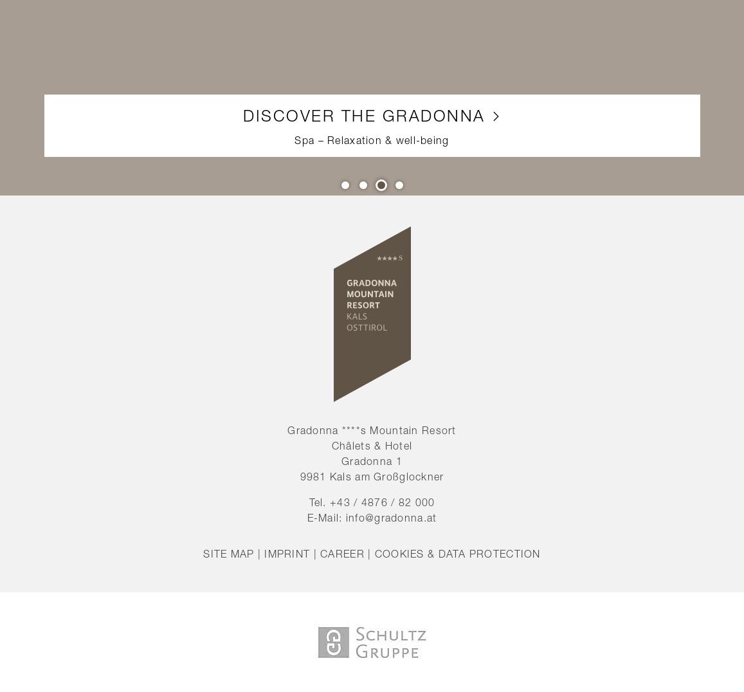  I want to click on 'Cookies & data protection', so click(457, 554).